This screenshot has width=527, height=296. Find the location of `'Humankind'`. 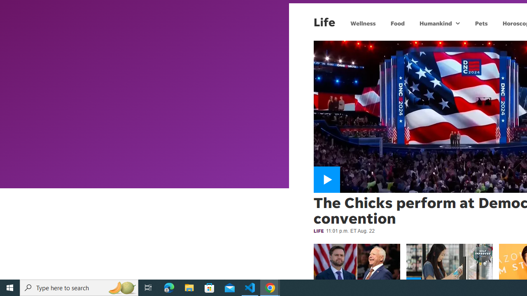

'Humankind' is located at coordinates (434, 23).